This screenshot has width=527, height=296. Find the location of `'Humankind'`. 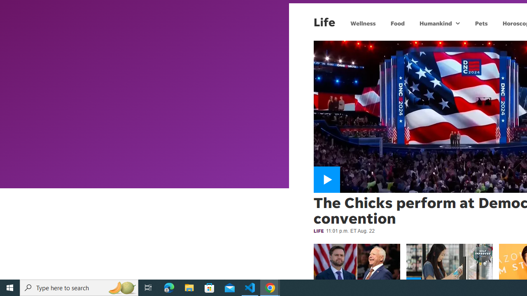

'Humankind' is located at coordinates (434, 23).